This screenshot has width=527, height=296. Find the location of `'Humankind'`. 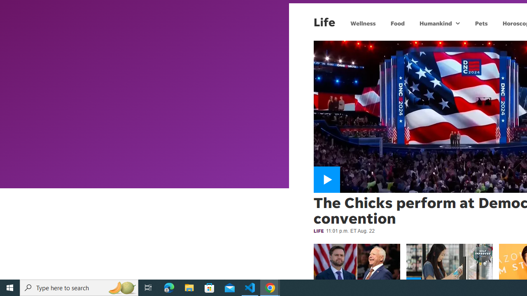

'Humankind' is located at coordinates (434, 23).